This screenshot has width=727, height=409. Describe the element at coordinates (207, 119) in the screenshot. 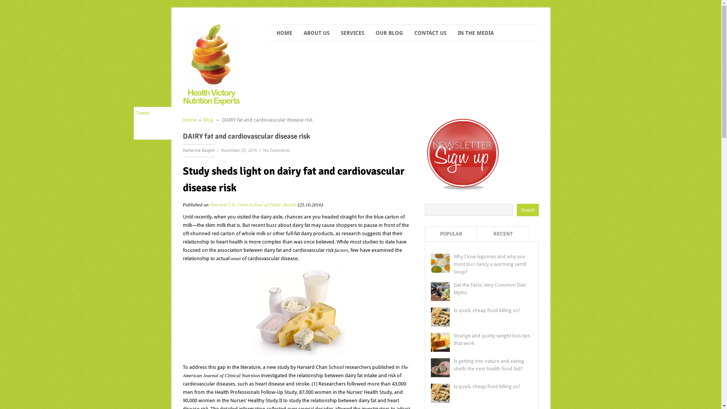

I see `'Blog'` at that location.